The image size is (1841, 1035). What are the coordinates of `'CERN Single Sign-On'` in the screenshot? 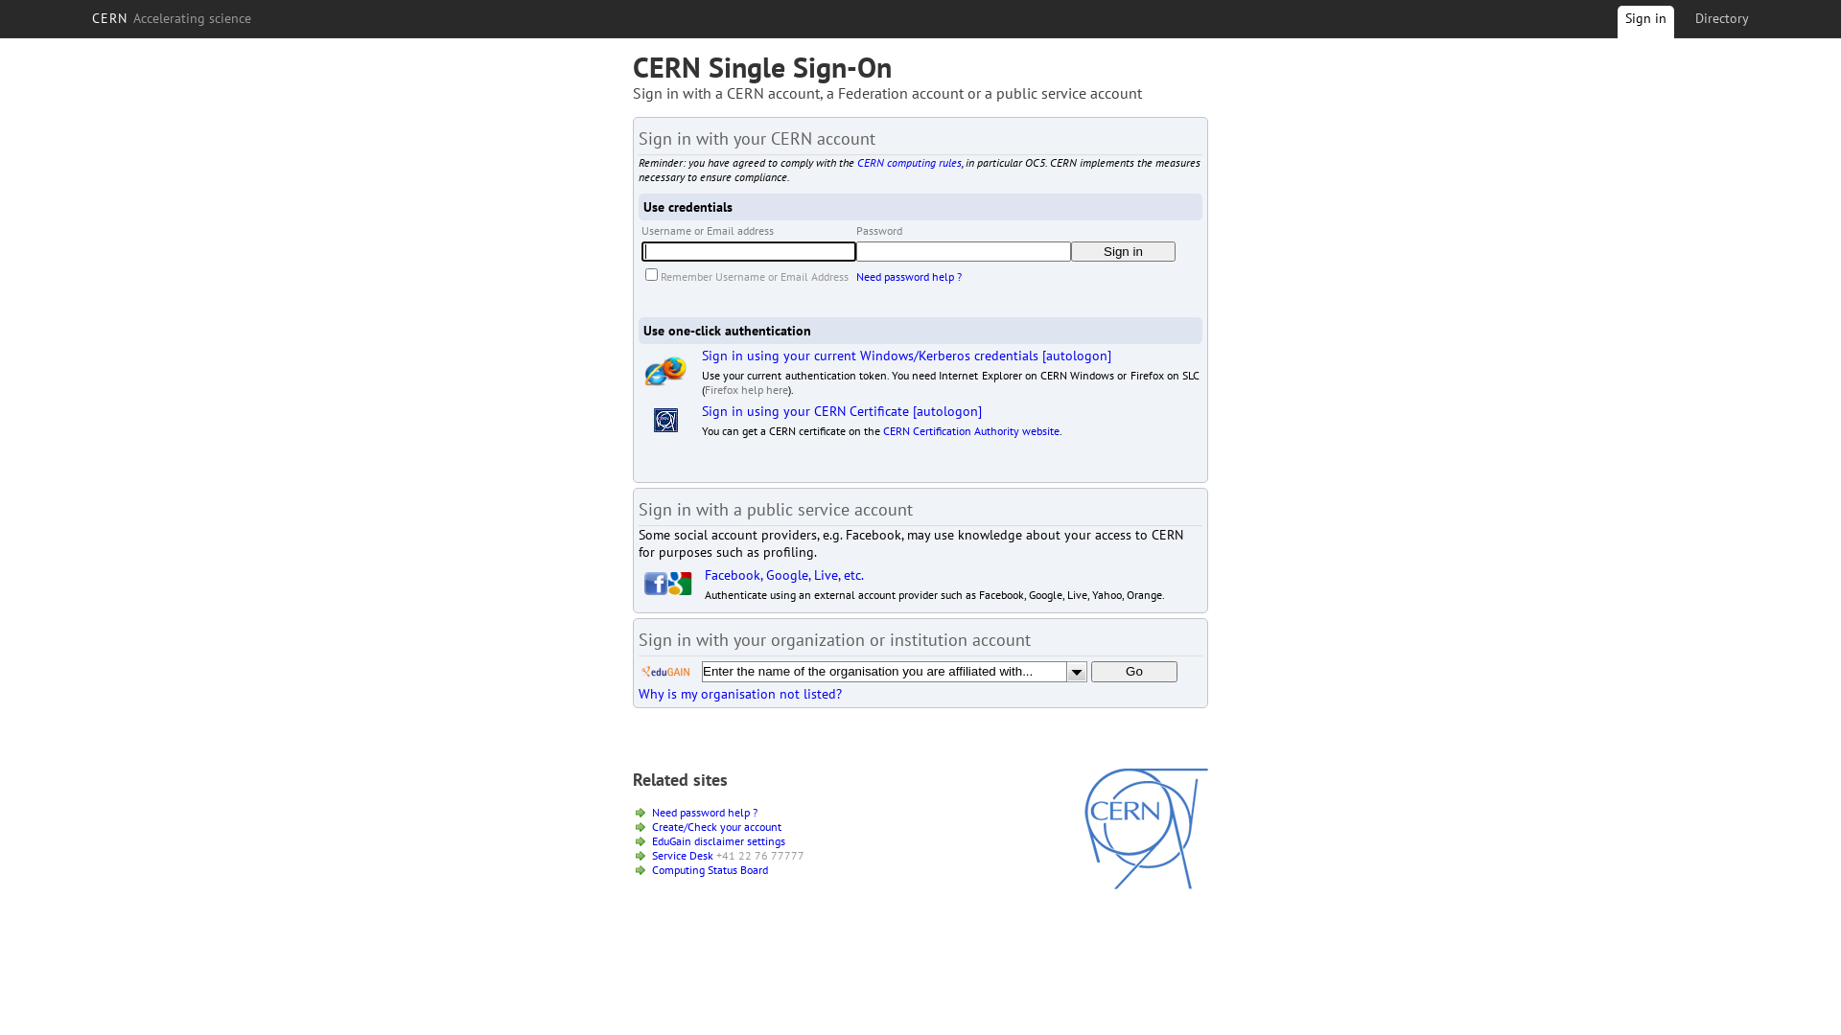 It's located at (761, 65).